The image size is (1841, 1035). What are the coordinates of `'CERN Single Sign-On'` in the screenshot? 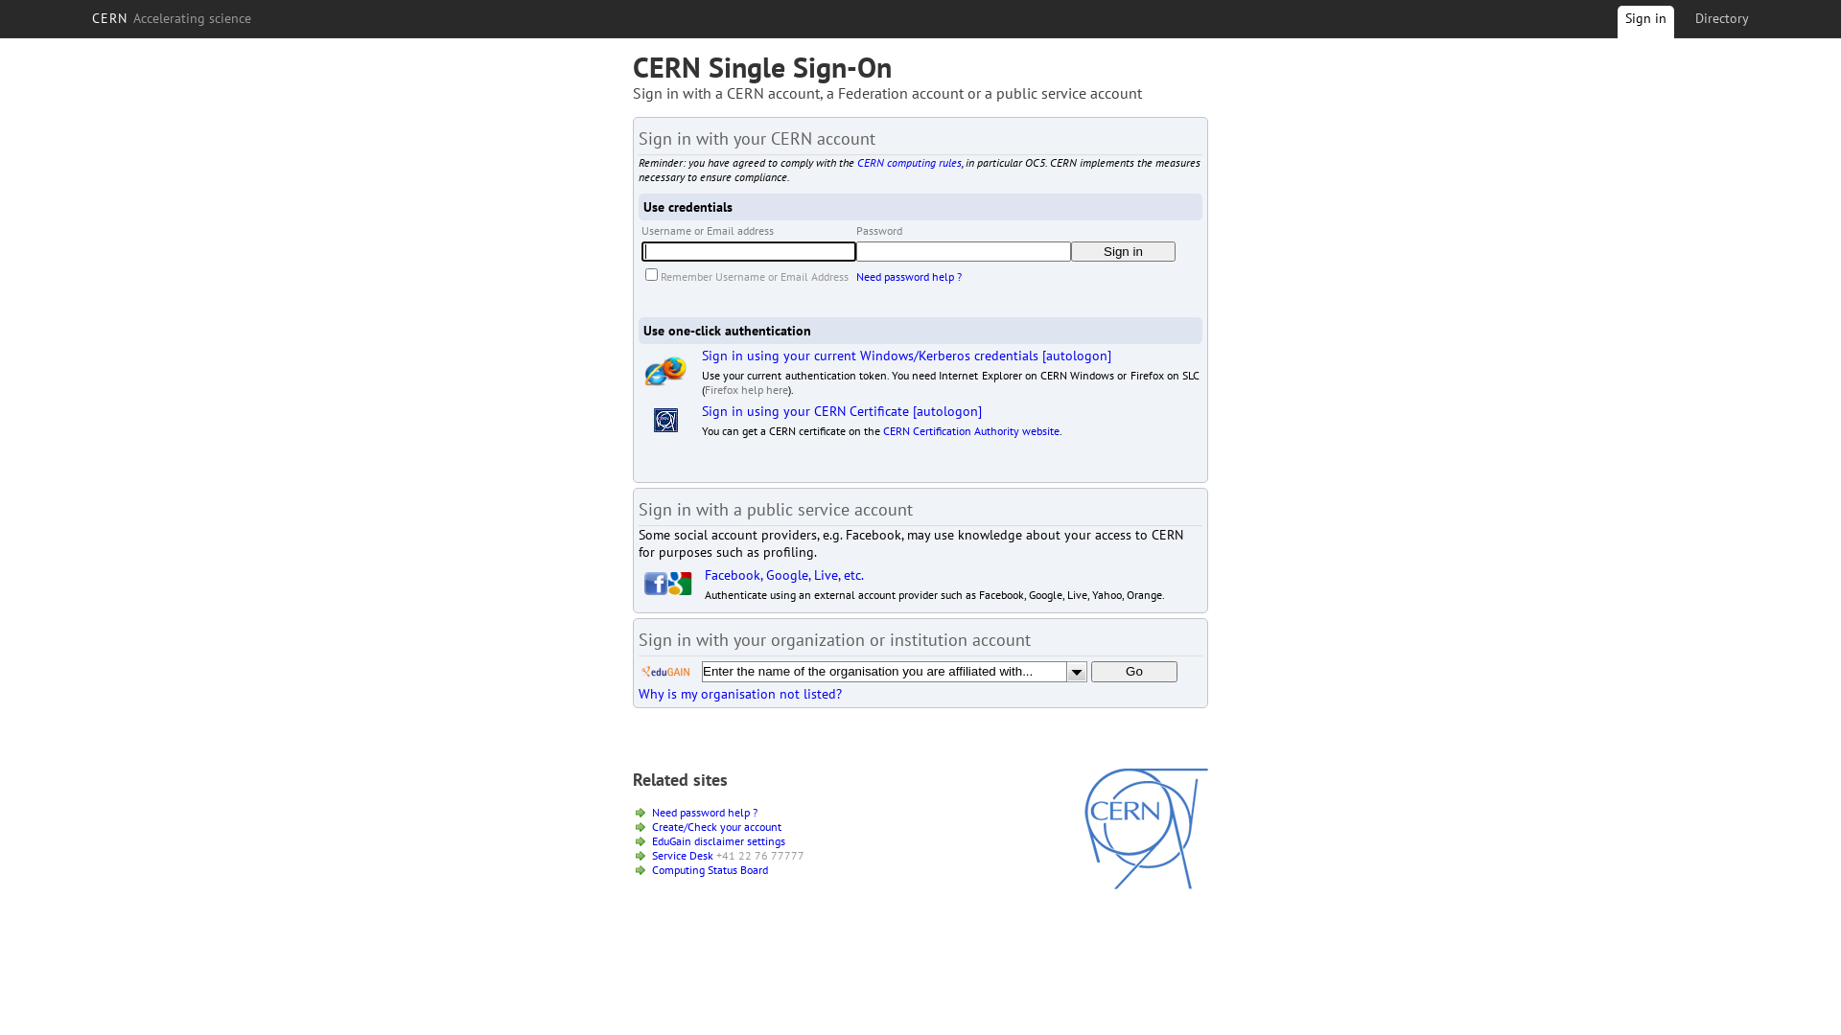 It's located at (761, 65).